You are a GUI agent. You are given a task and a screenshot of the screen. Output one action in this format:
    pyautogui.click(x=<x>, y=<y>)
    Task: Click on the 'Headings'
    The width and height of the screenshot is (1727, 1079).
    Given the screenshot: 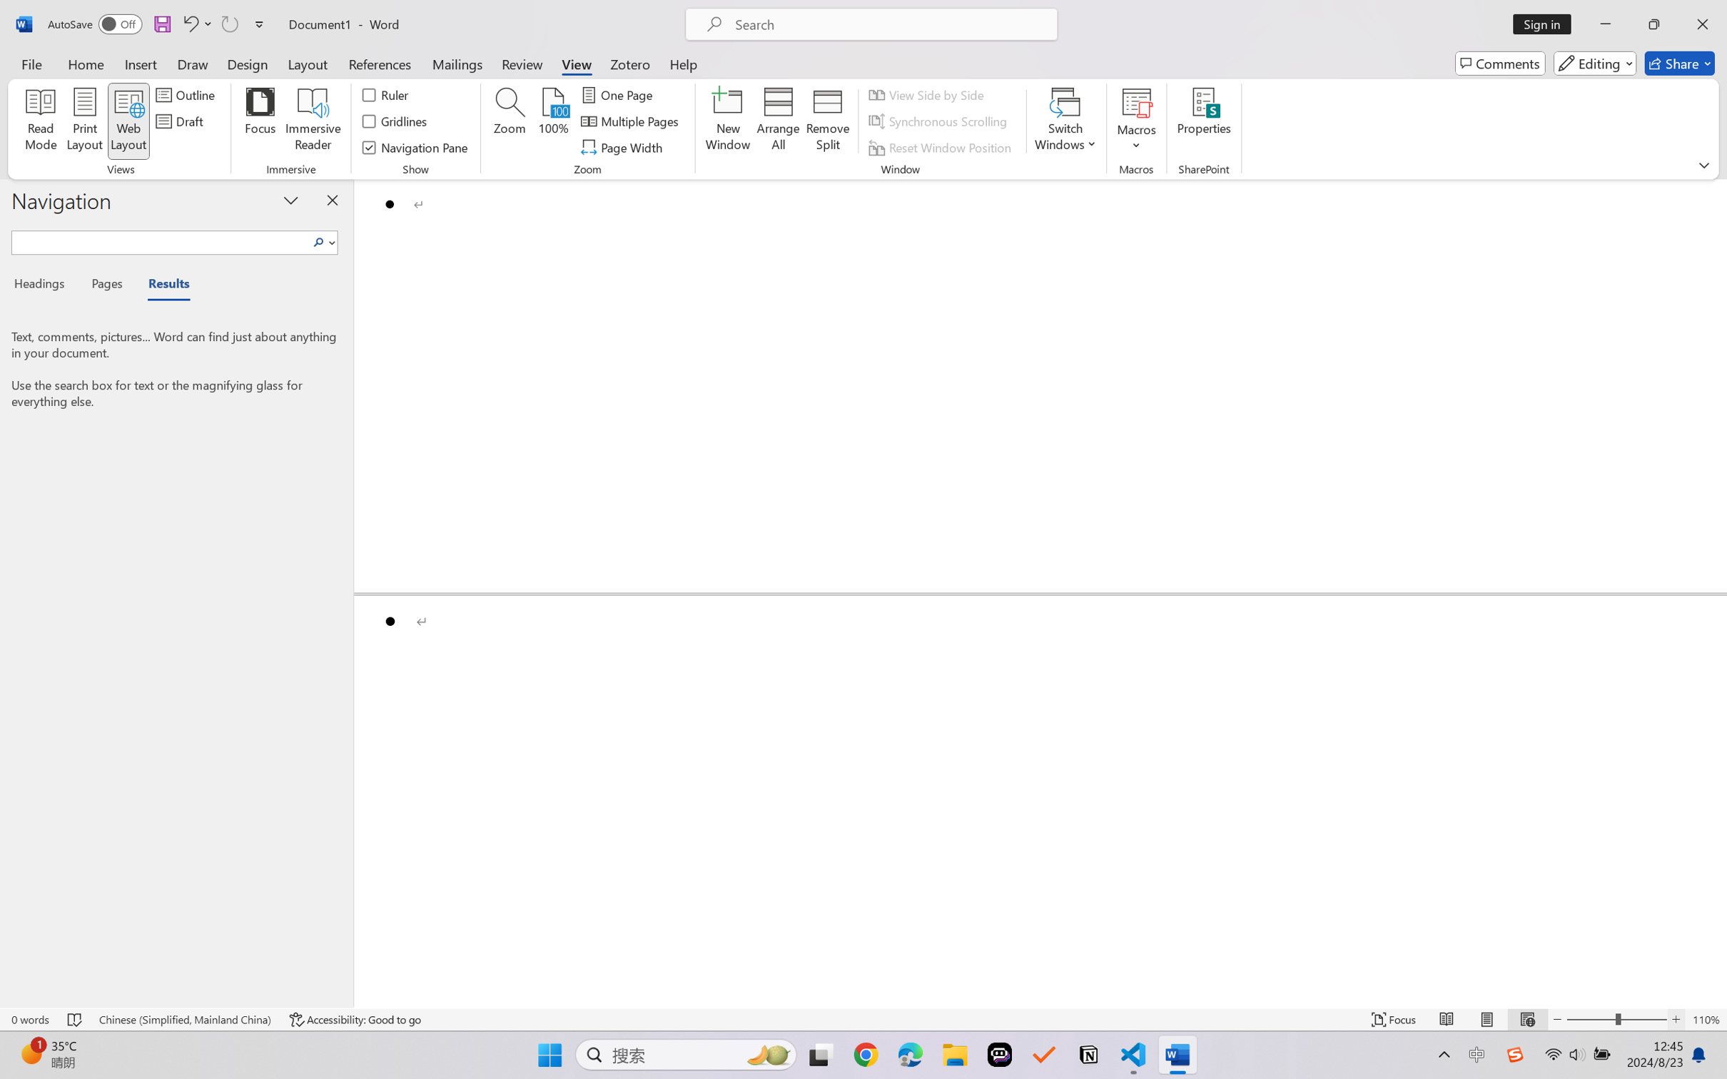 What is the action you would take?
    pyautogui.click(x=44, y=286)
    